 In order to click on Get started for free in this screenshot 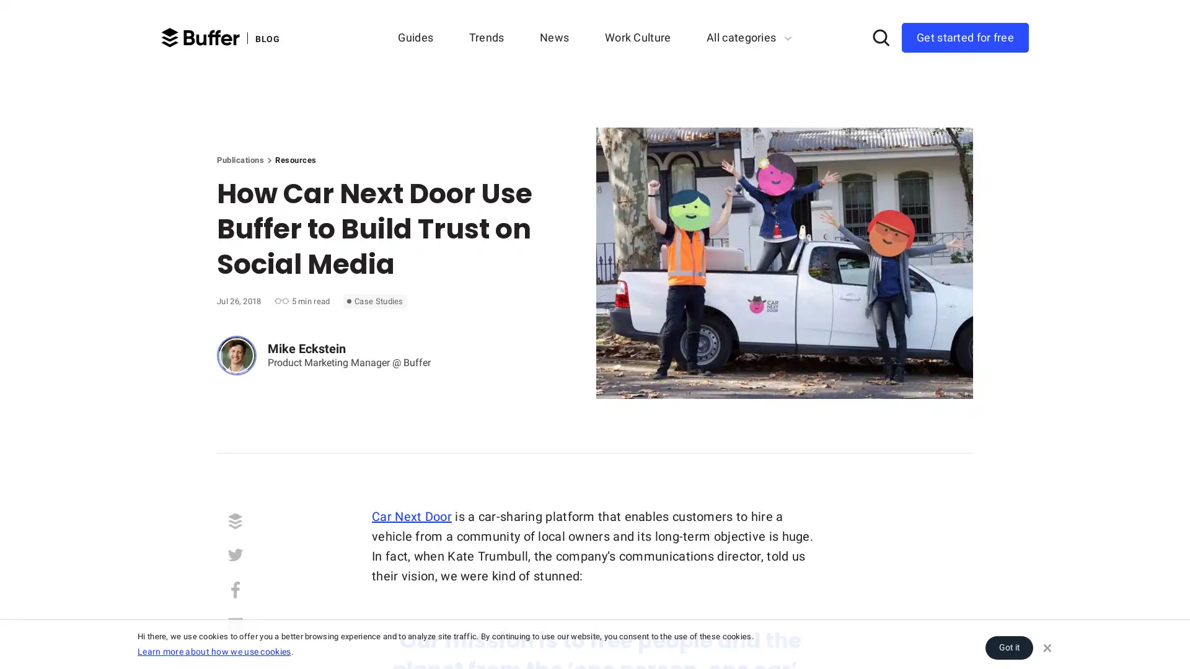, I will do `click(964, 37)`.